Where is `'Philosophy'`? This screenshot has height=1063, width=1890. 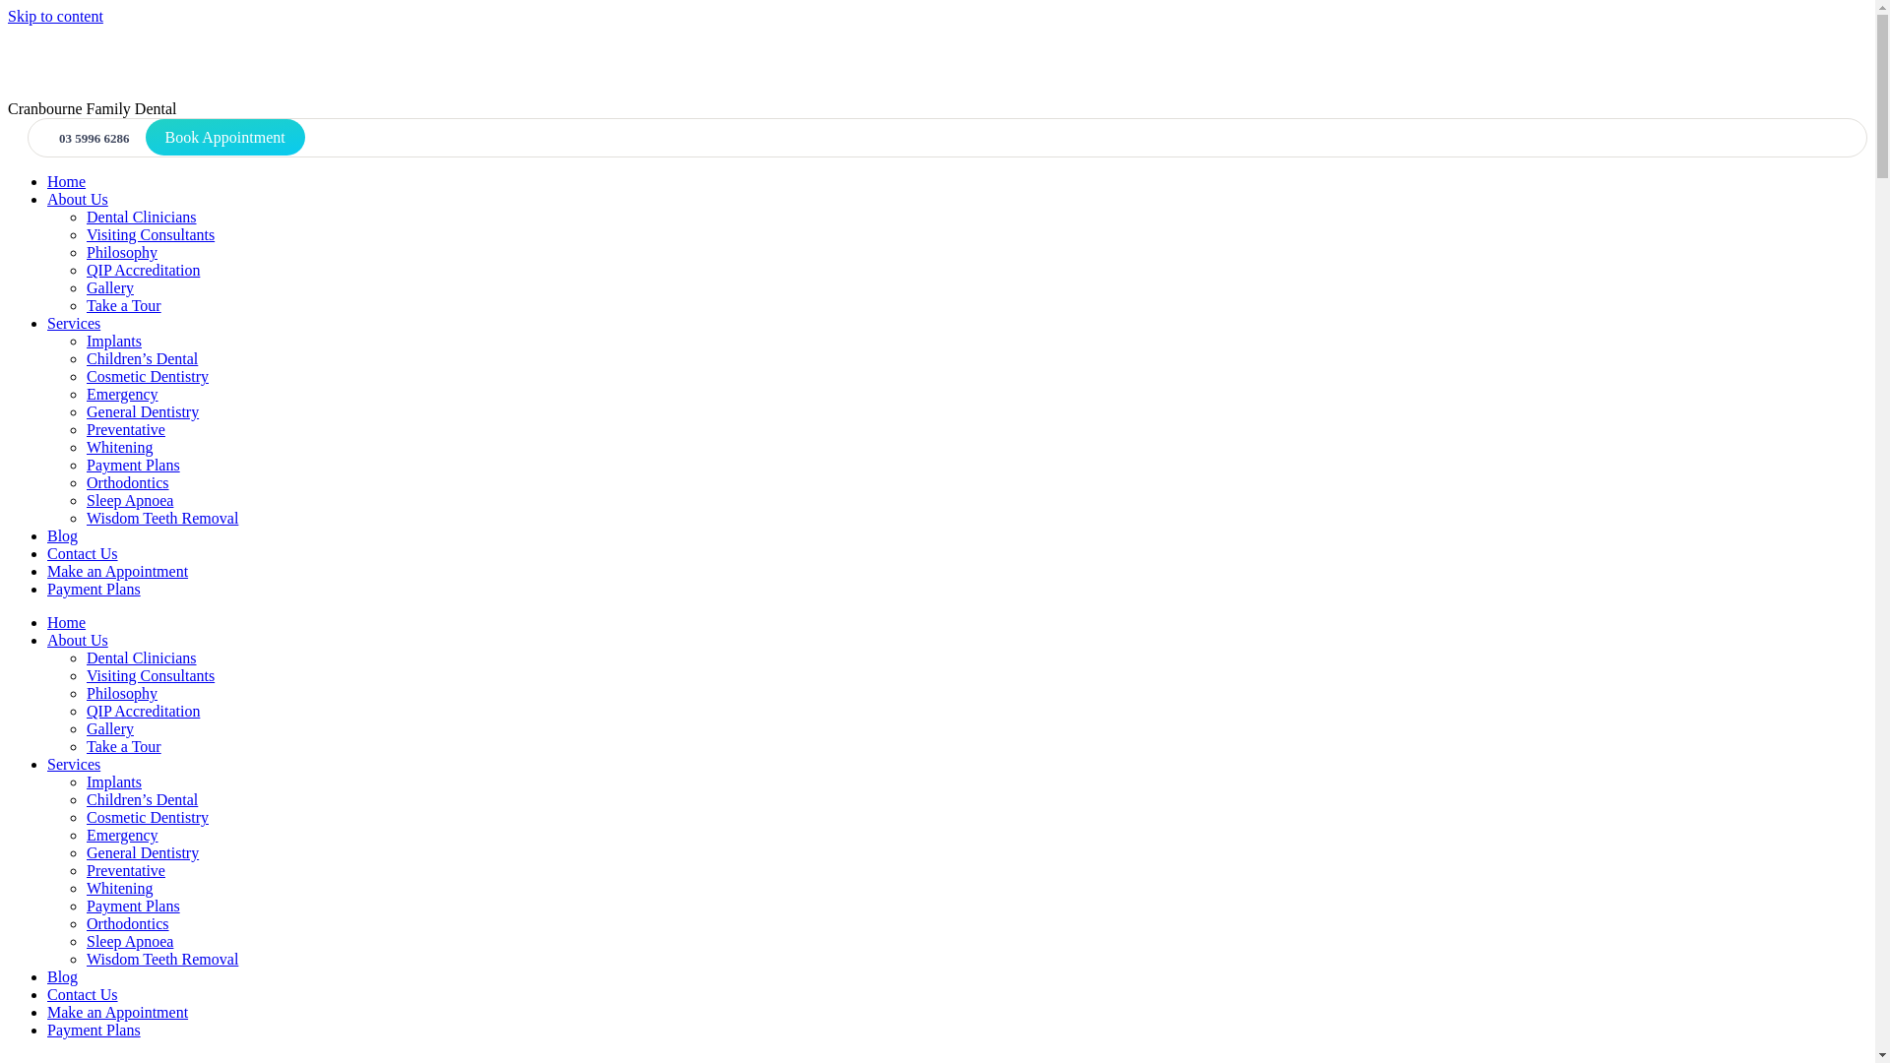 'Philosophy' is located at coordinates (121, 251).